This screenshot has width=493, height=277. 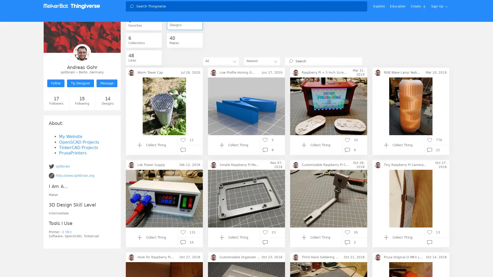 What do you see at coordinates (379, 6) in the screenshot?
I see `Explore` at bounding box center [379, 6].